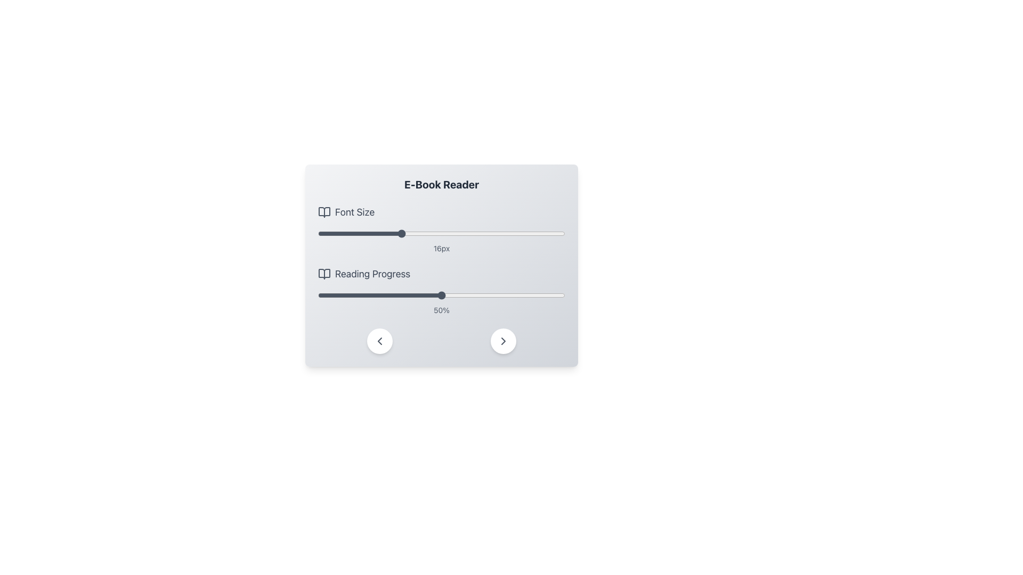 The width and height of the screenshot is (1023, 575). Describe the element at coordinates (462, 233) in the screenshot. I see `the font size` at that location.